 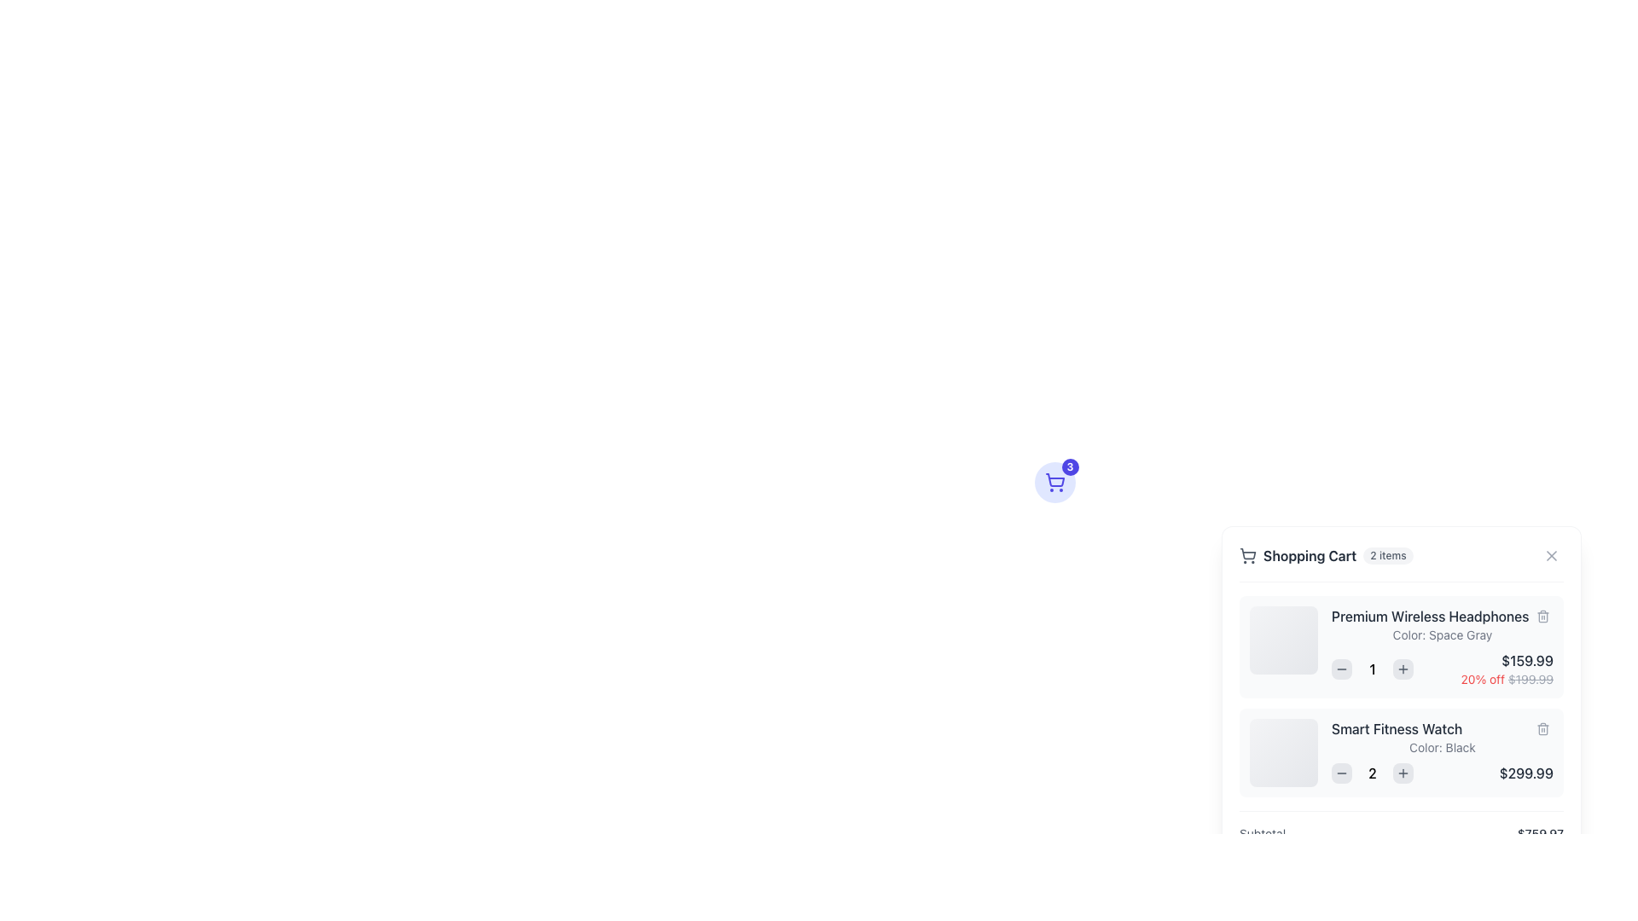 What do you see at coordinates (1397, 729) in the screenshot?
I see `the text label displaying 'Smart Fitness Watch' in the shopping cart interface, which is centered under the second listed item` at bounding box center [1397, 729].